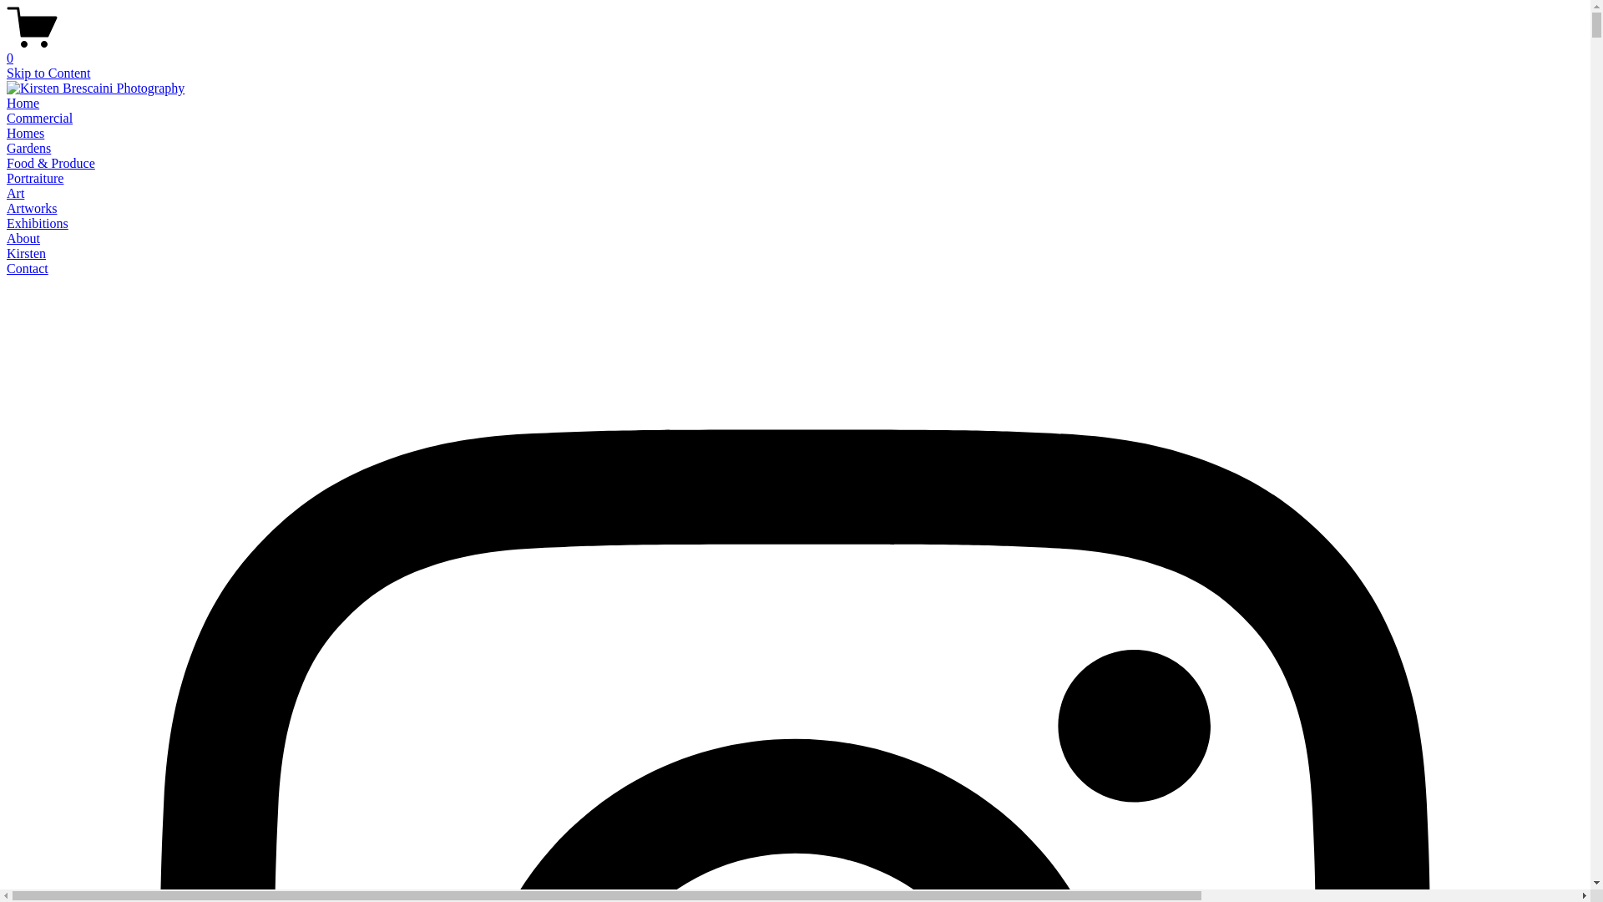  Describe the element at coordinates (48, 72) in the screenshot. I see `'Skip to Content'` at that location.